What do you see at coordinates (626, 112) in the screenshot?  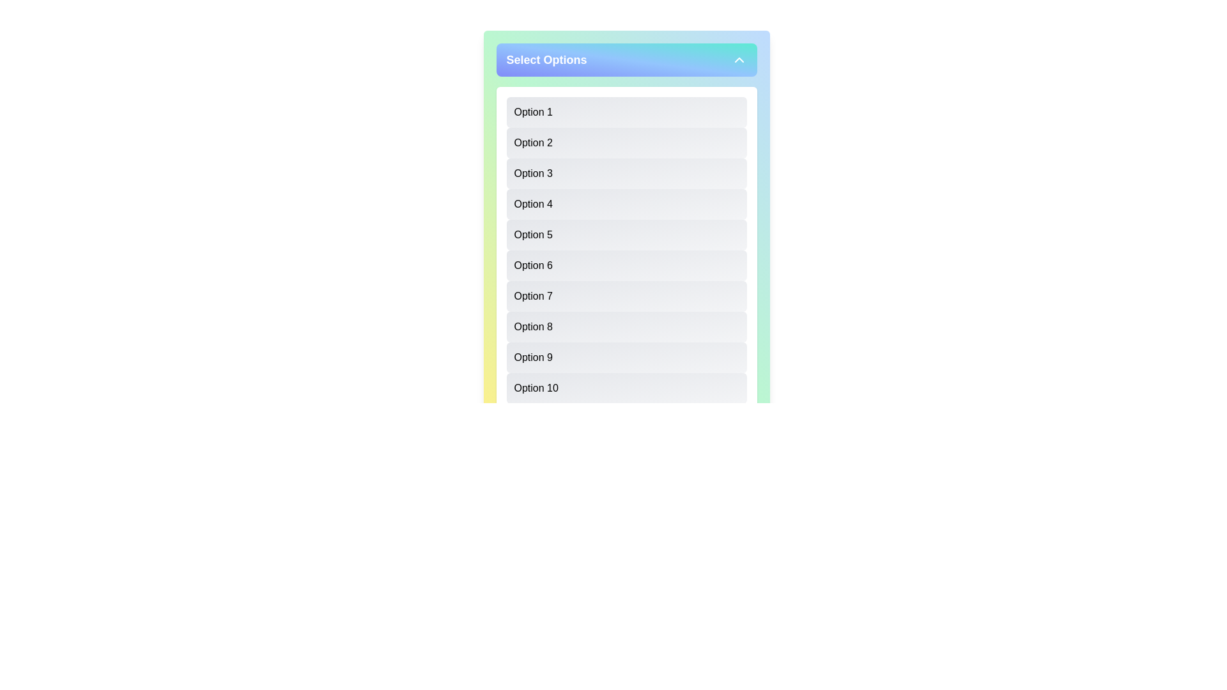 I see `the first selectable list item under the 'Select Options' header` at bounding box center [626, 112].